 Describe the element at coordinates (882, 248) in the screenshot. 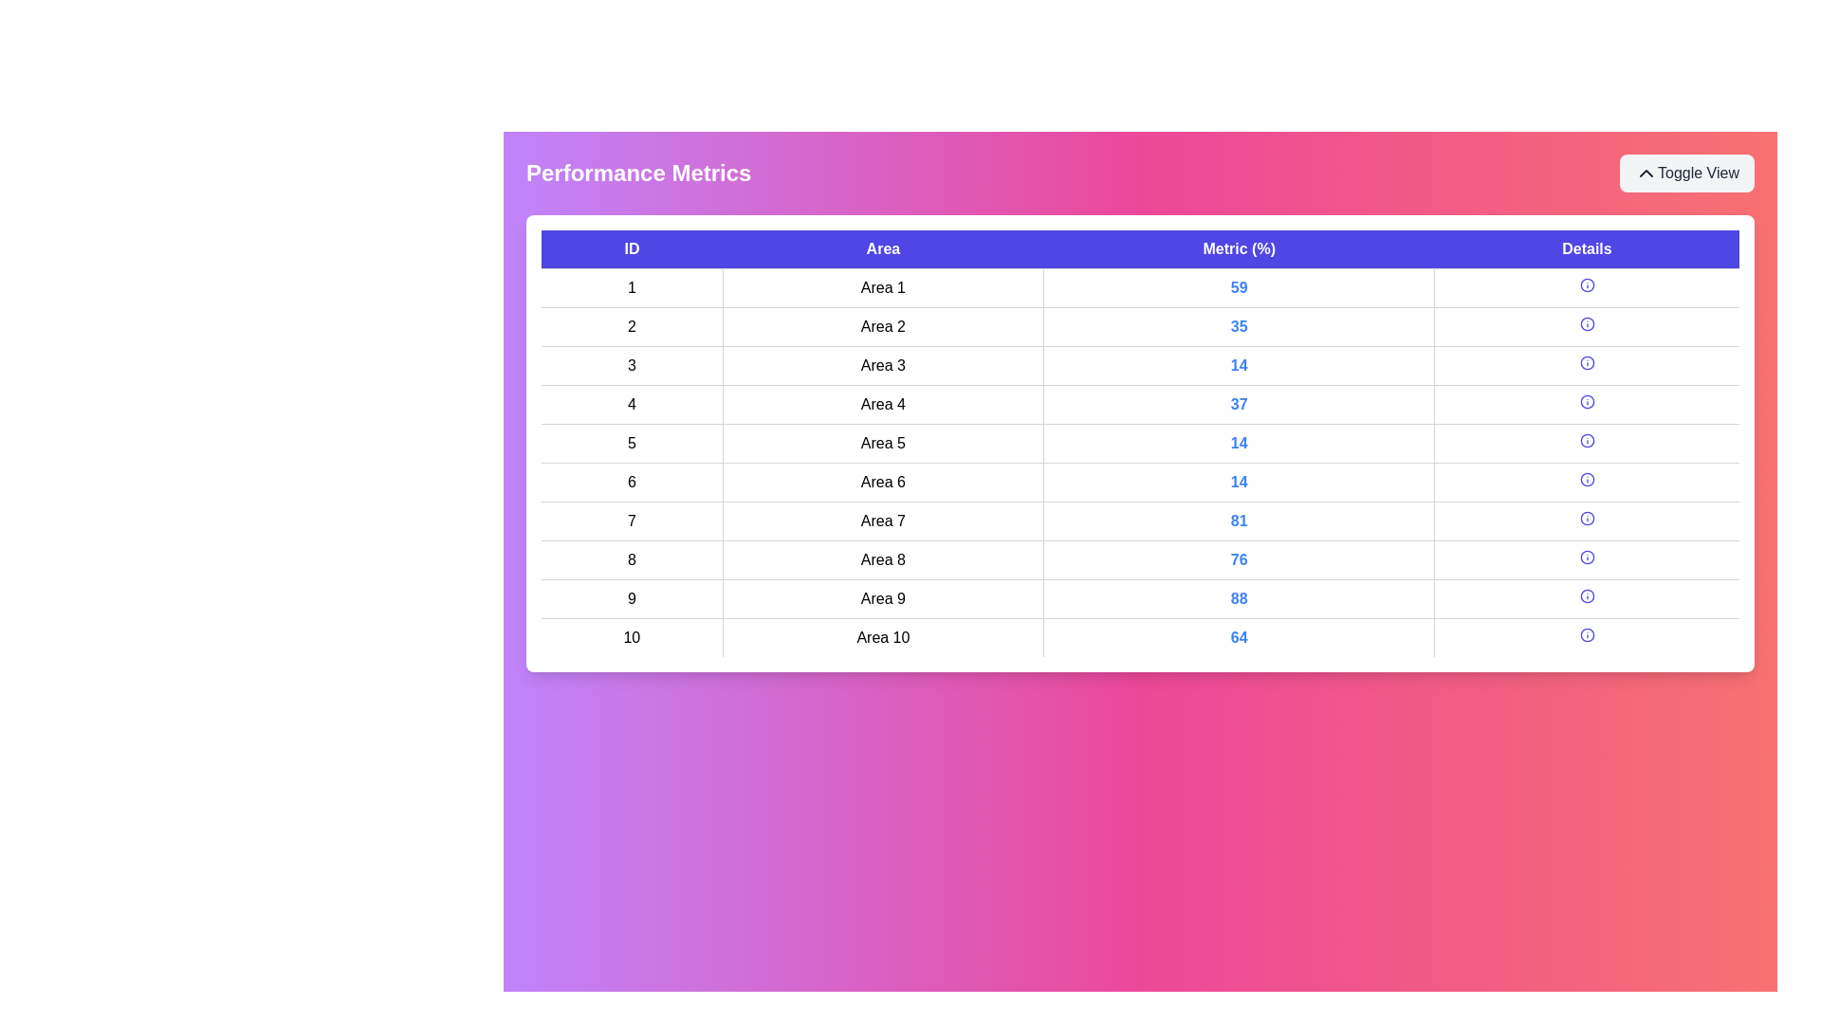

I see `the Area header to sort or filter data` at that location.